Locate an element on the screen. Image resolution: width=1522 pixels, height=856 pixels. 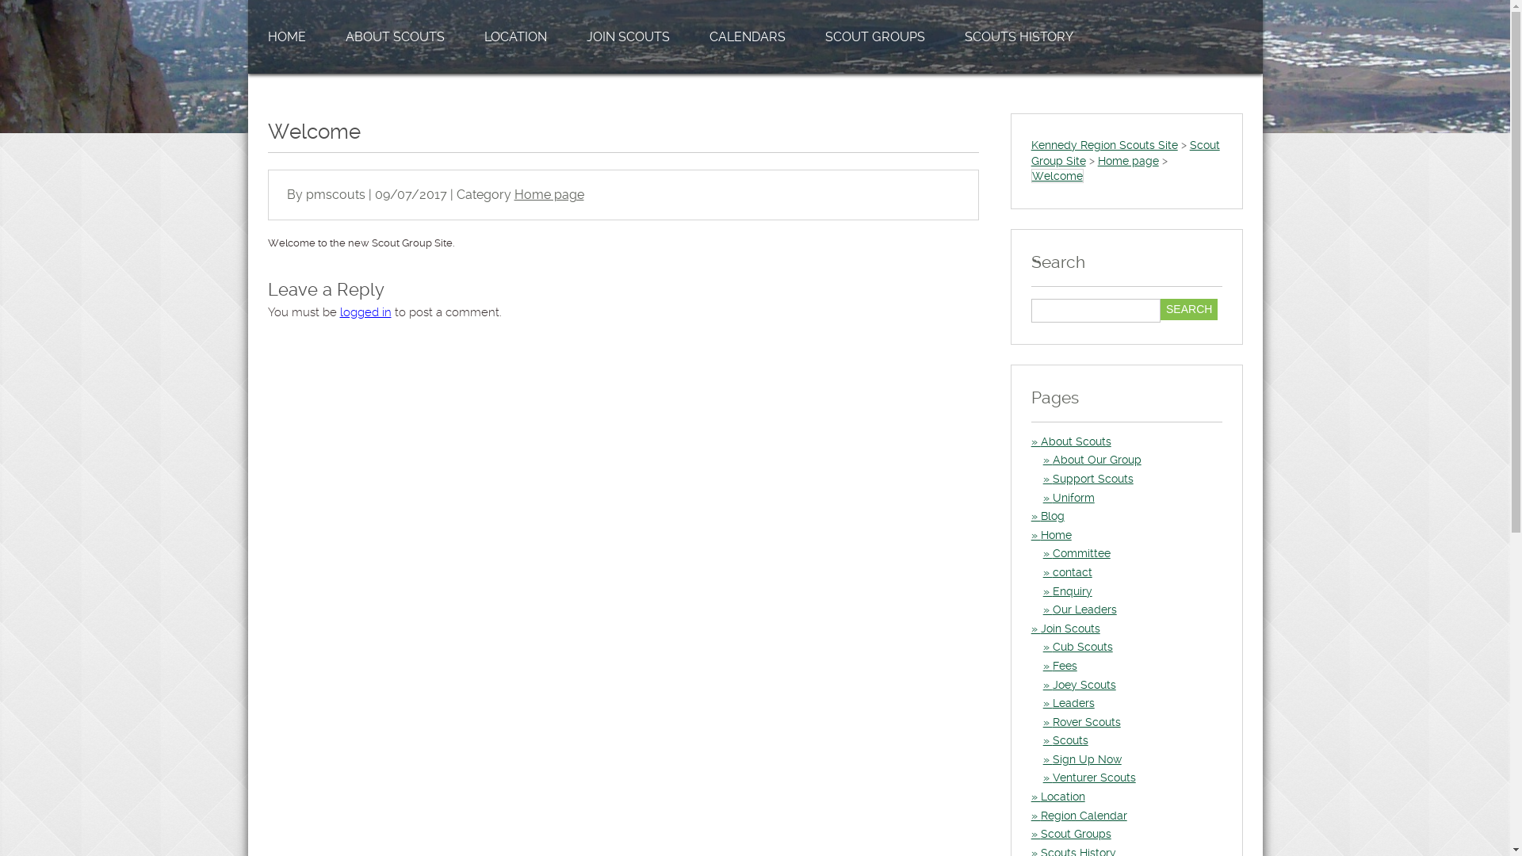
'Blog' is located at coordinates (1047, 516).